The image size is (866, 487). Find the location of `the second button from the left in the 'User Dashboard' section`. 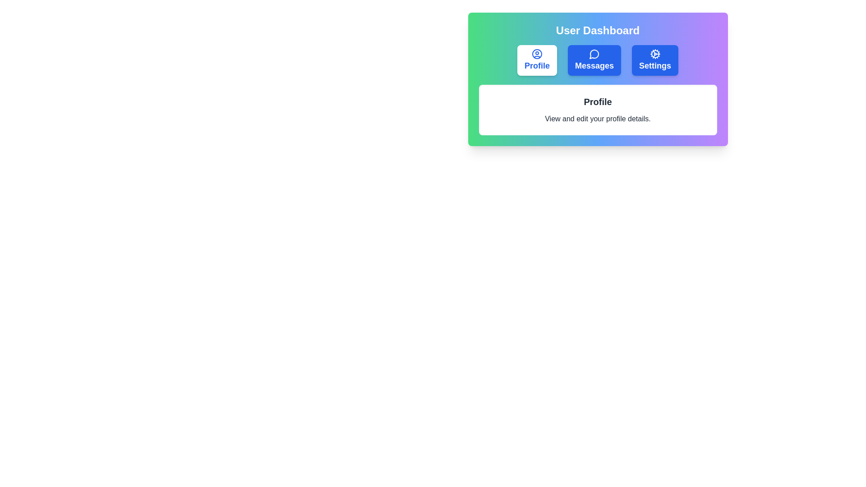

the second button from the left in the 'User Dashboard' section is located at coordinates (594, 60).